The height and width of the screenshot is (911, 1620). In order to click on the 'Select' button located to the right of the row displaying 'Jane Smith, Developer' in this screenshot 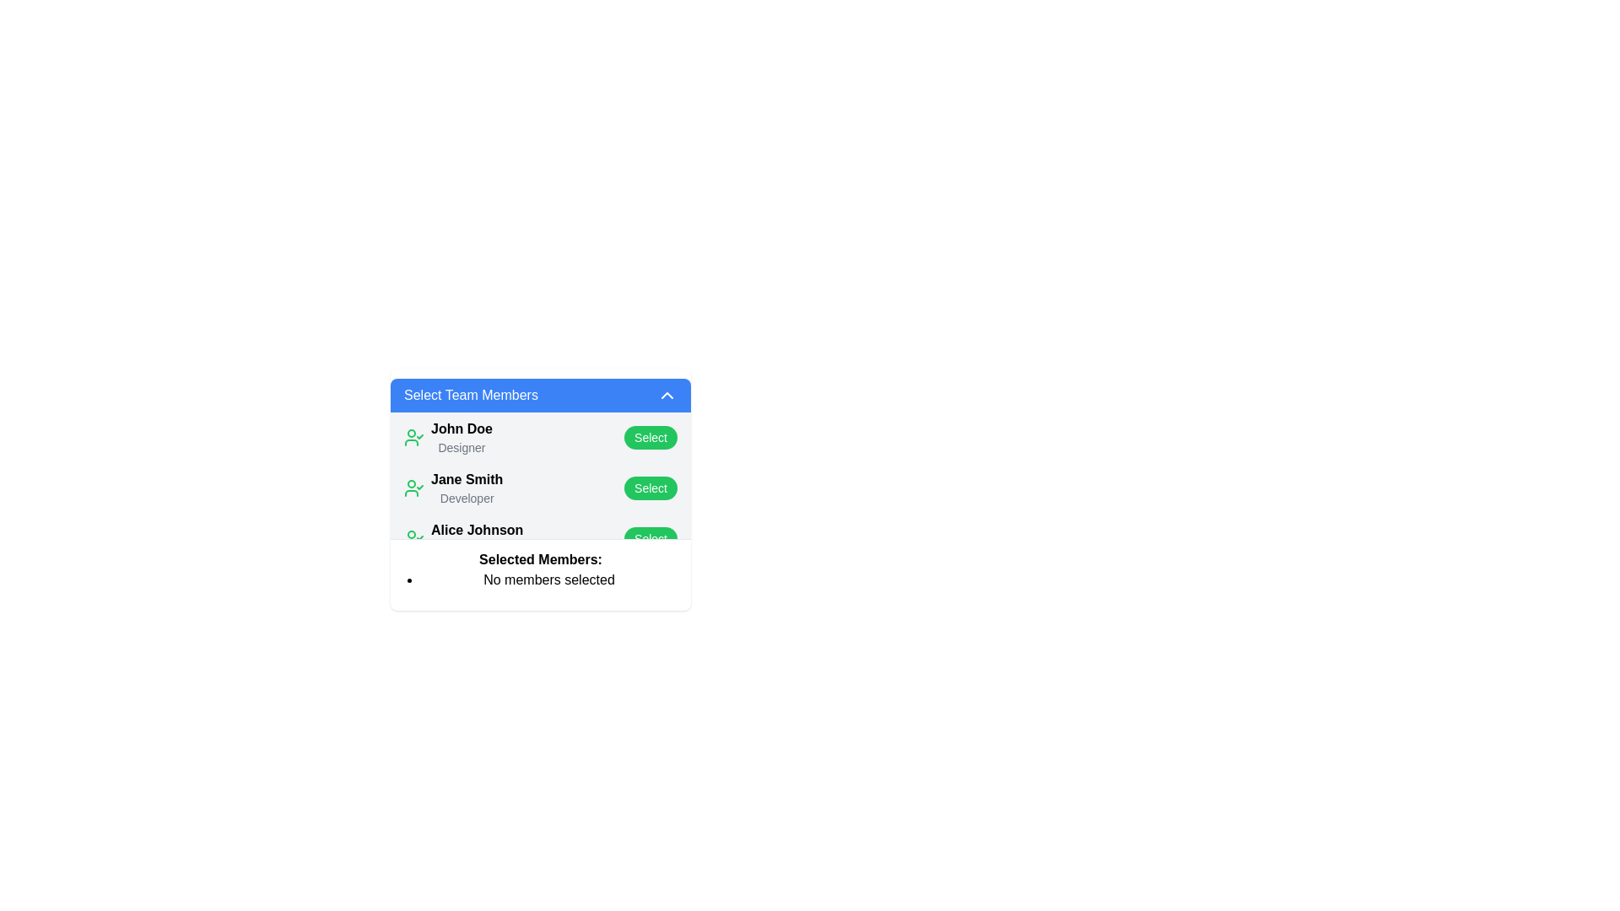, I will do `click(650, 488)`.